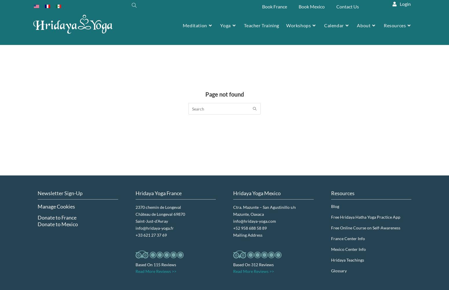  Describe the element at coordinates (194, 25) in the screenshot. I see `'Meditation'` at that location.